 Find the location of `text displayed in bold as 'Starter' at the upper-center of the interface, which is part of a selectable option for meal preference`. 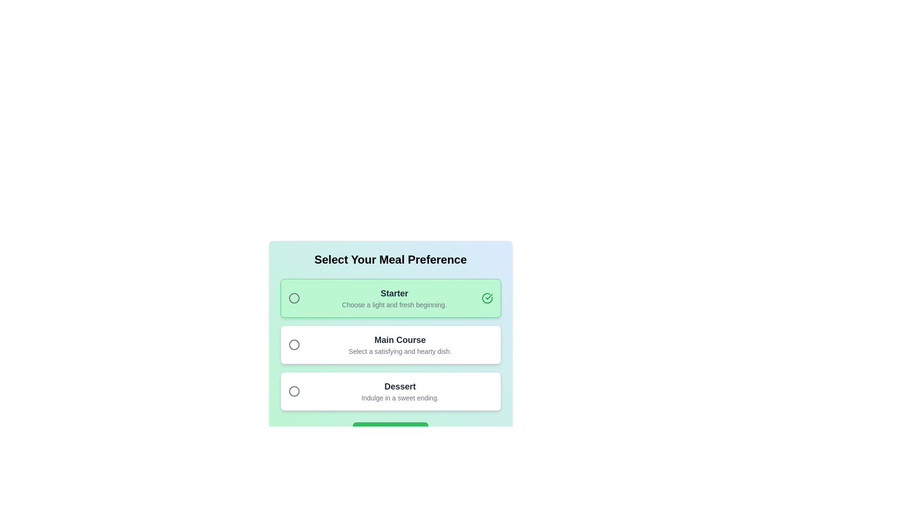

text displayed in bold as 'Starter' at the upper-center of the interface, which is part of a selectable option for meal preference is located at coordinates (394, 293).